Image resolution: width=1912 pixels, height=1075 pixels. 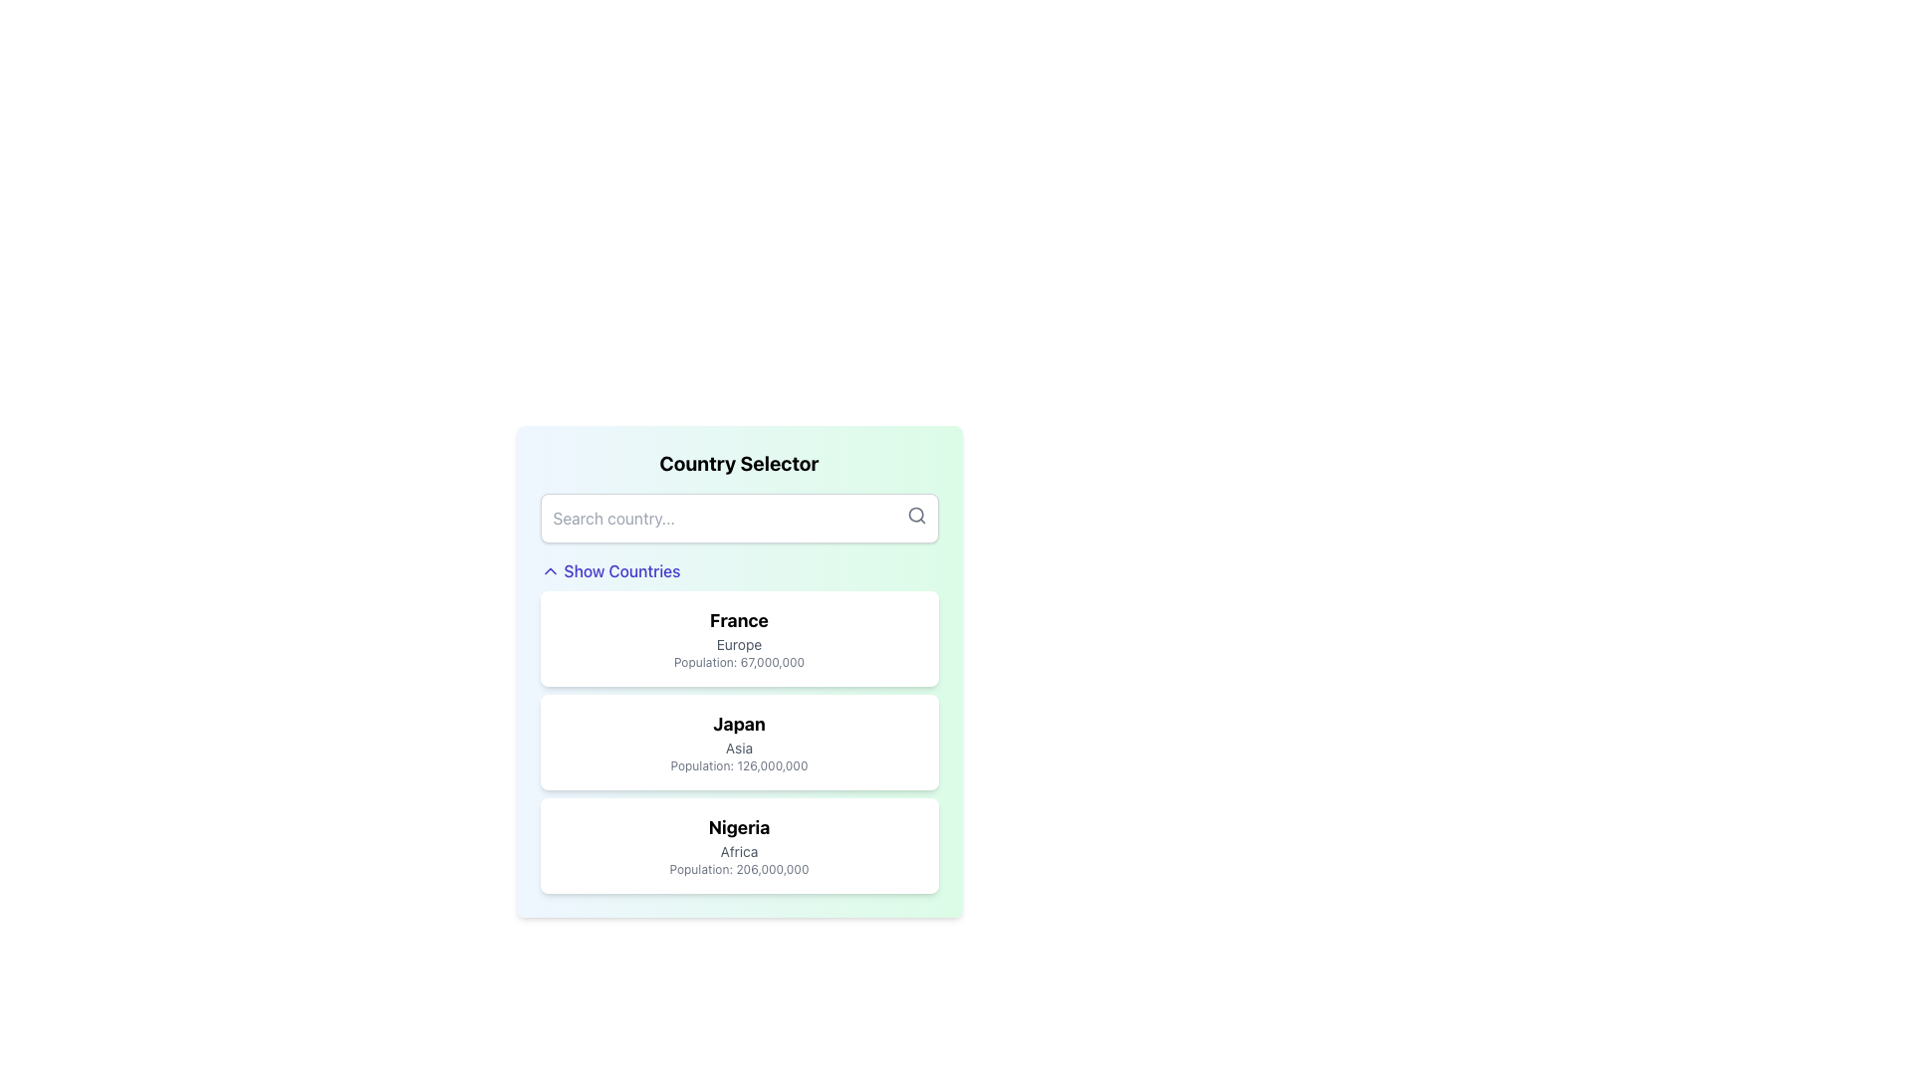 What do you see at coordinates (915, 514) in the screenshot?
I see `the magnifying glass icon located at the top-right corner of the 'Search country...' input field to initiate a search action` at bounding box center [915, 514].